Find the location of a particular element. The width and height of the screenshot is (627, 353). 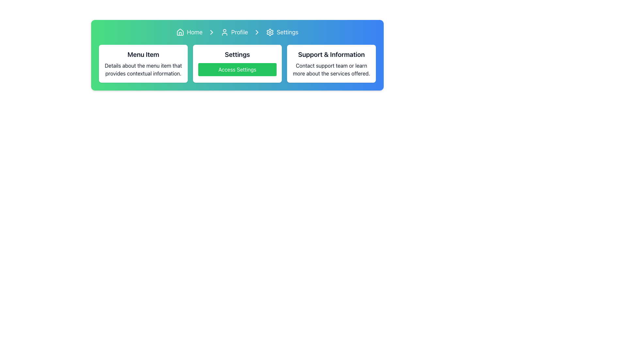

the rightward-pointing chevron icon located in the navigation bar between the 'Profile' text and the 'Settings' section is located at coordinates (212, 32).